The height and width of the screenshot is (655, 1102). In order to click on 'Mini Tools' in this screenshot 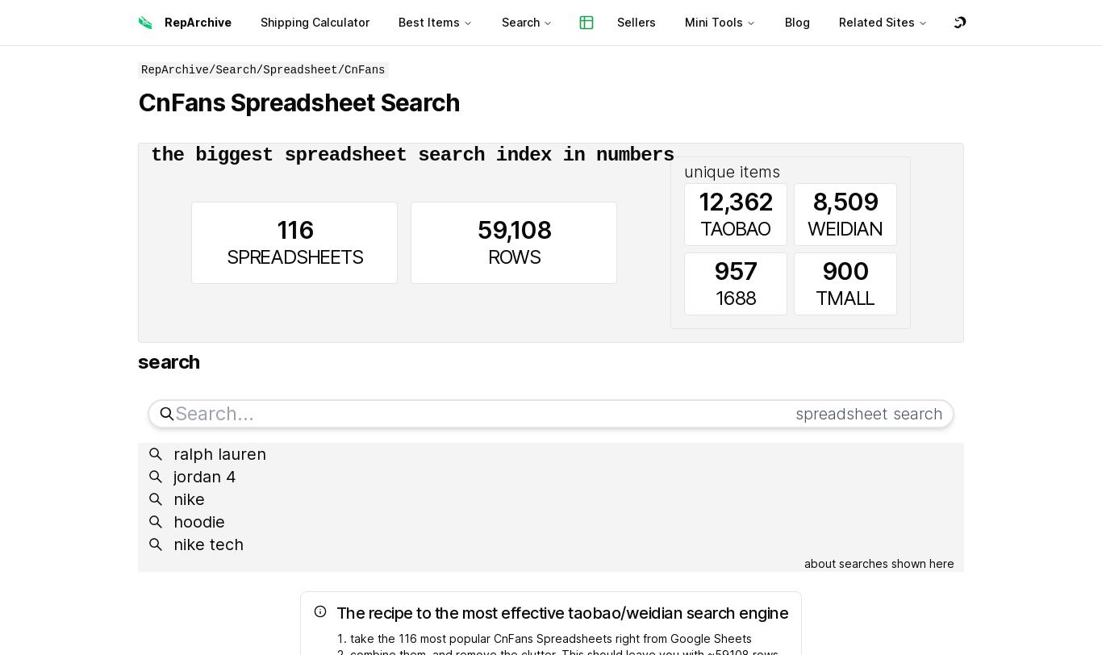, I will do `click(713, 22)`.